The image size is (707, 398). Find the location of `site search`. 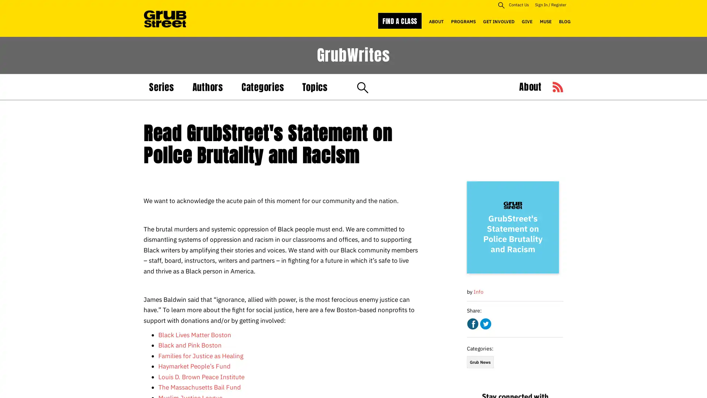

site search is located at coordinates (501, 5).